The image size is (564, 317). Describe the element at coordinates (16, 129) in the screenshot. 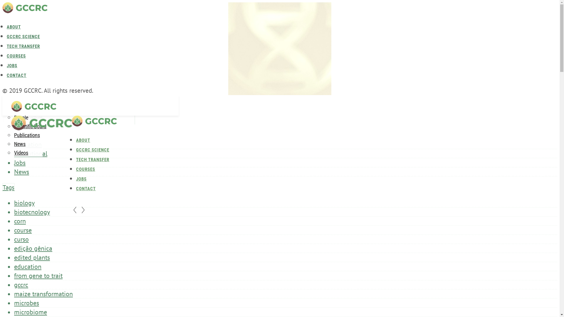

I see `'Categories'` at that location.